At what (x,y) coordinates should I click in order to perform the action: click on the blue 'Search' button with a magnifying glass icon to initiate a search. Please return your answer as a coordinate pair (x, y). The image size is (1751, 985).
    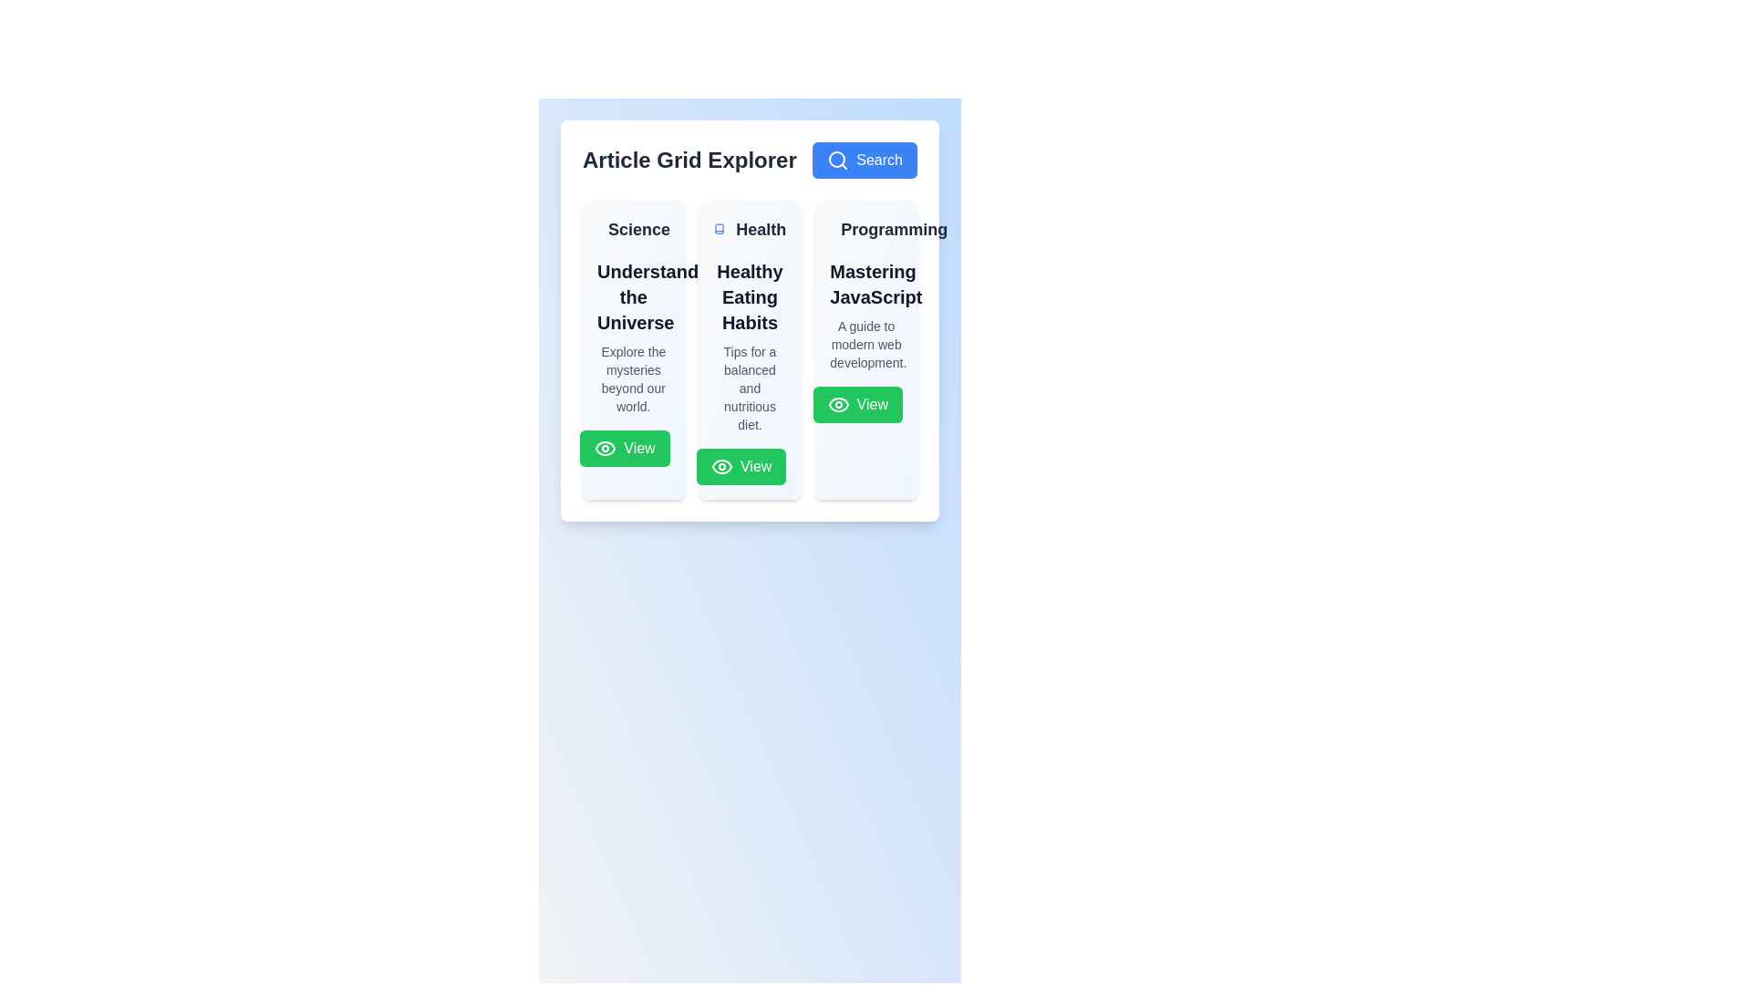
    Looking at the image, I should click on (864, 160).